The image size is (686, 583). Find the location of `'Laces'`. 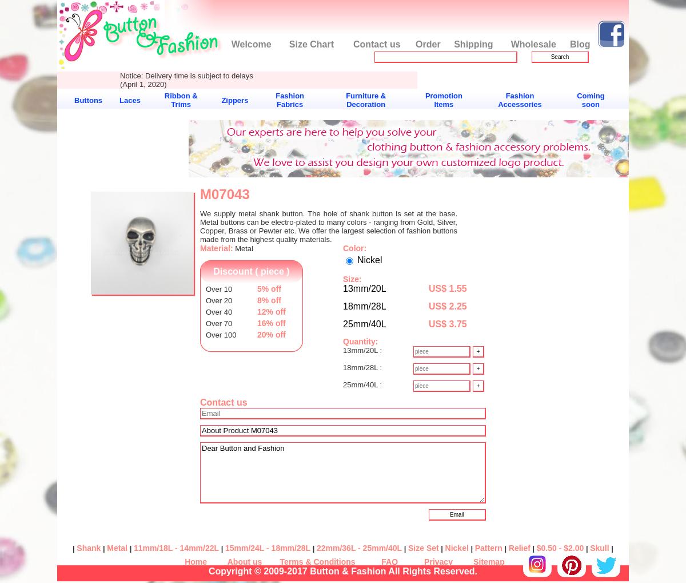

'Laces' is located at coordinates (129, 100).